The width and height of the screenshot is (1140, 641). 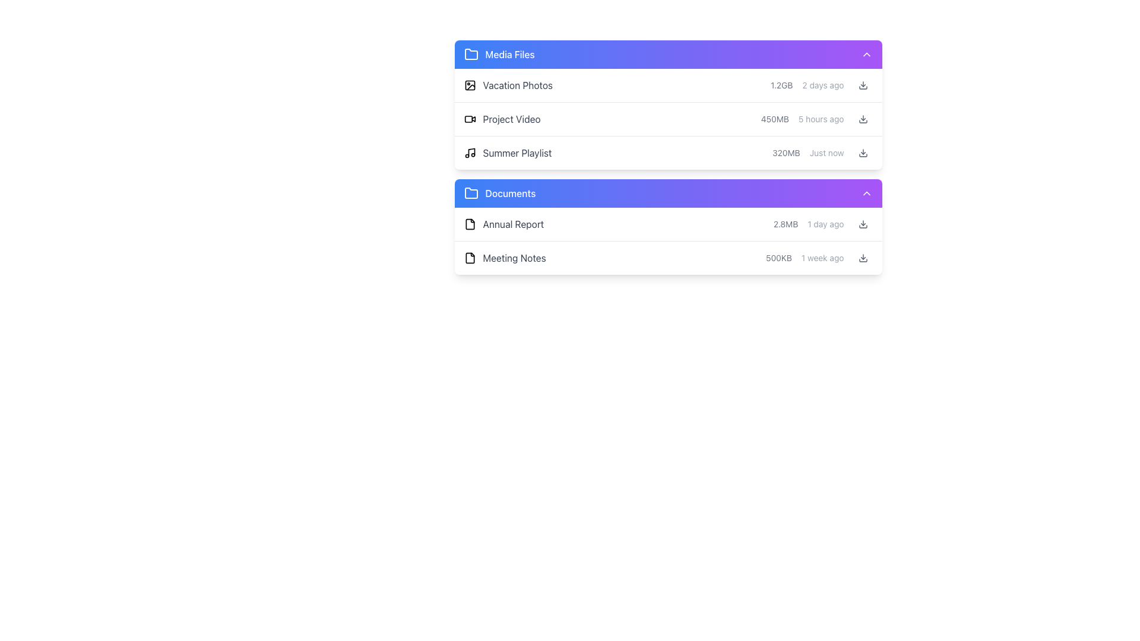 I want to click on text label displaying '320MB' located within the 'Summer Playlist' row, positioned towards the right end near the 'Just now' timestamp, so click(x=786, y=153).